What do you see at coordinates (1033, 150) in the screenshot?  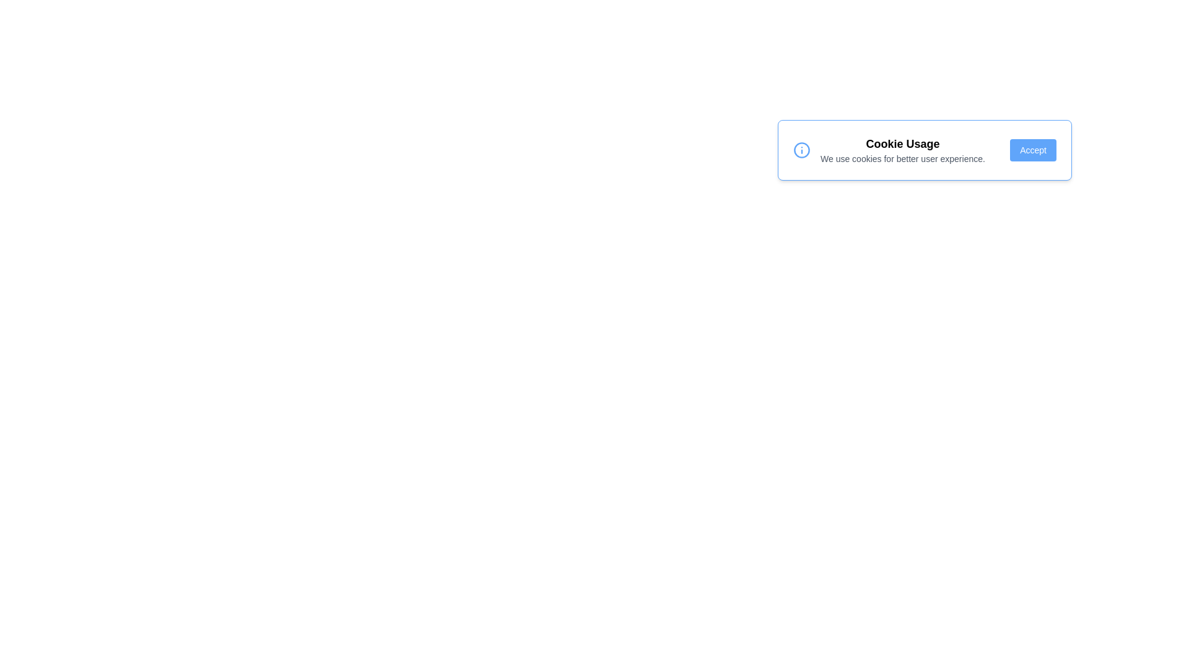 I see `the 'Accept' button with a light blue background and rounded corners located on the right side of the notification bar` at bounding box center [1033, 150].